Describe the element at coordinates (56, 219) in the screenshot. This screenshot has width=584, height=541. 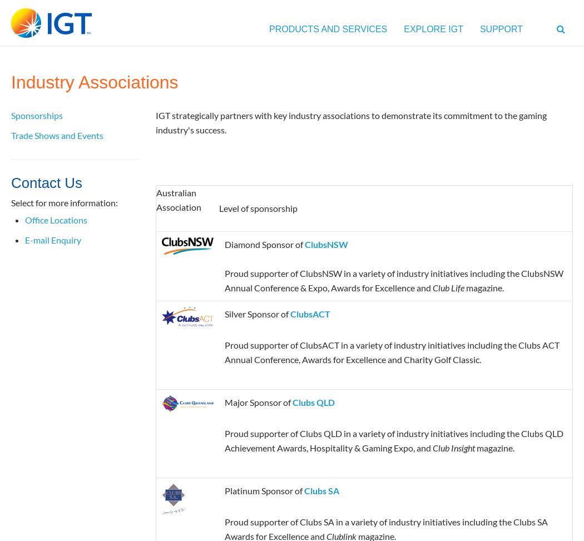
I see `'Office Locations'` at that location.